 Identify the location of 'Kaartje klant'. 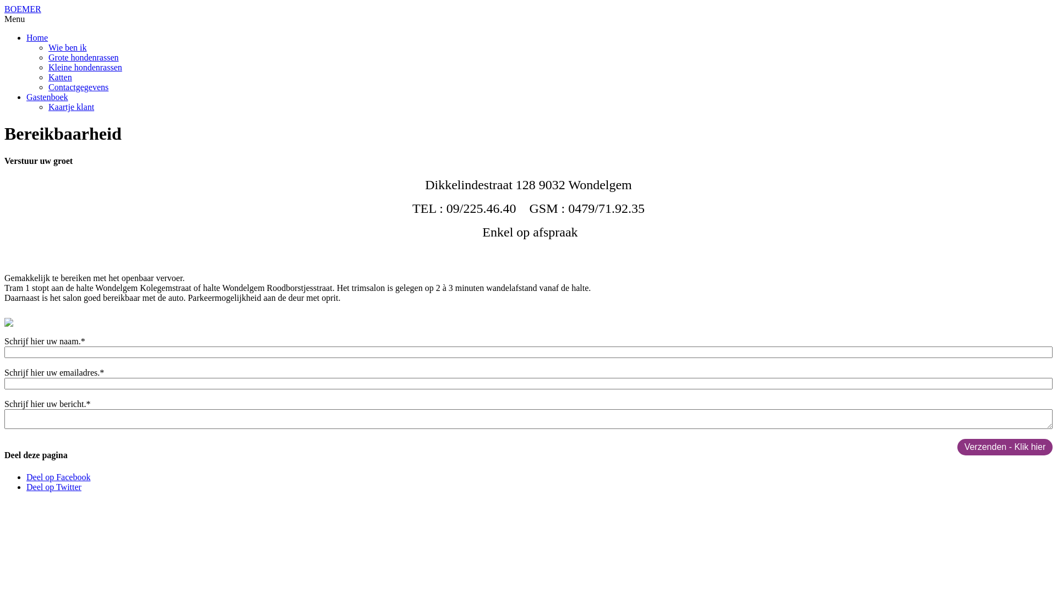
(70, 107).